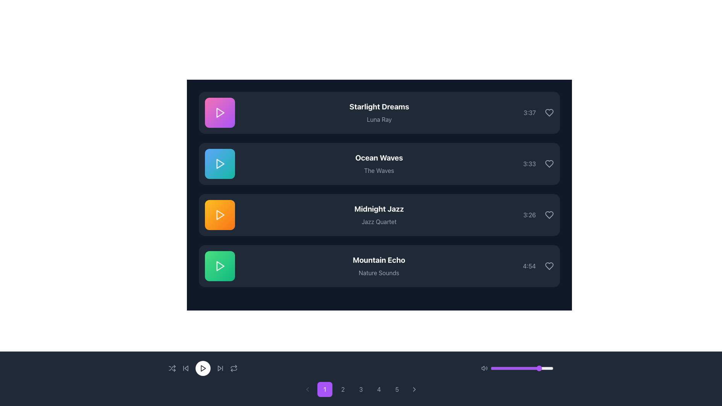  Describe the element at coordinates (343, 389) in the screenshot. I see `the rounded square button displaying '2' with a dark background` at that location.